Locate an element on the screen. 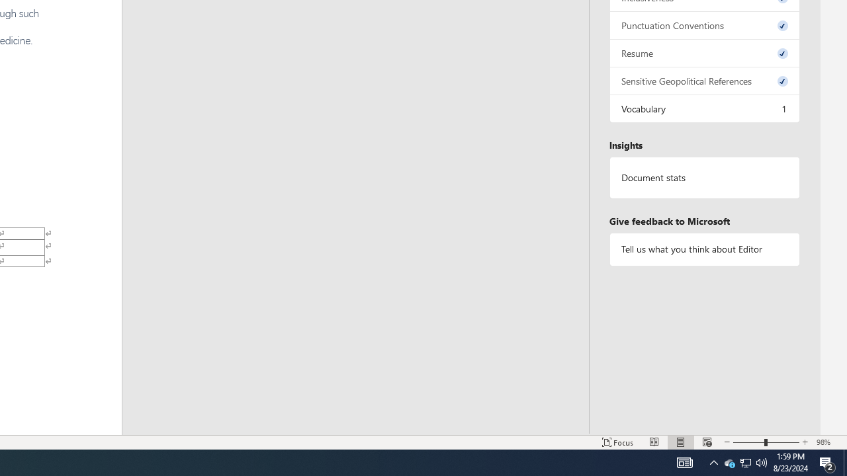 The image size is (847, 476). 'Tell us what you think about Editor' is located at coordinates (703, 249).